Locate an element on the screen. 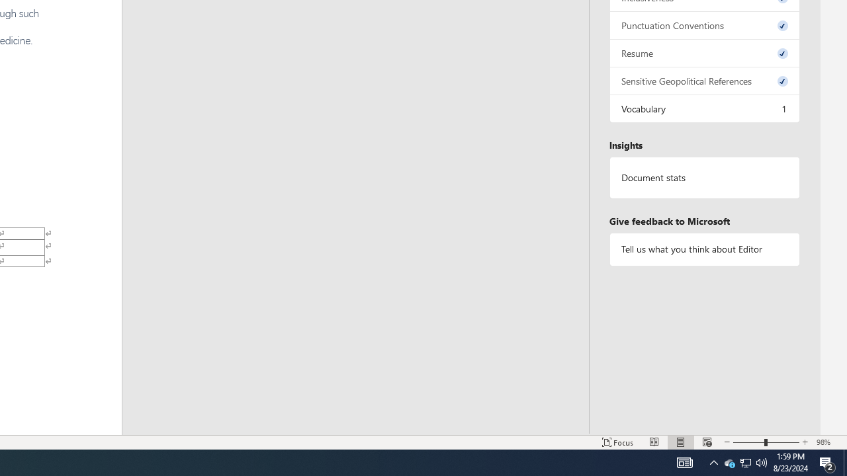 The image size is (847, 476). 'Tell us what you think about Editor' is located at coordinates (703, 249).